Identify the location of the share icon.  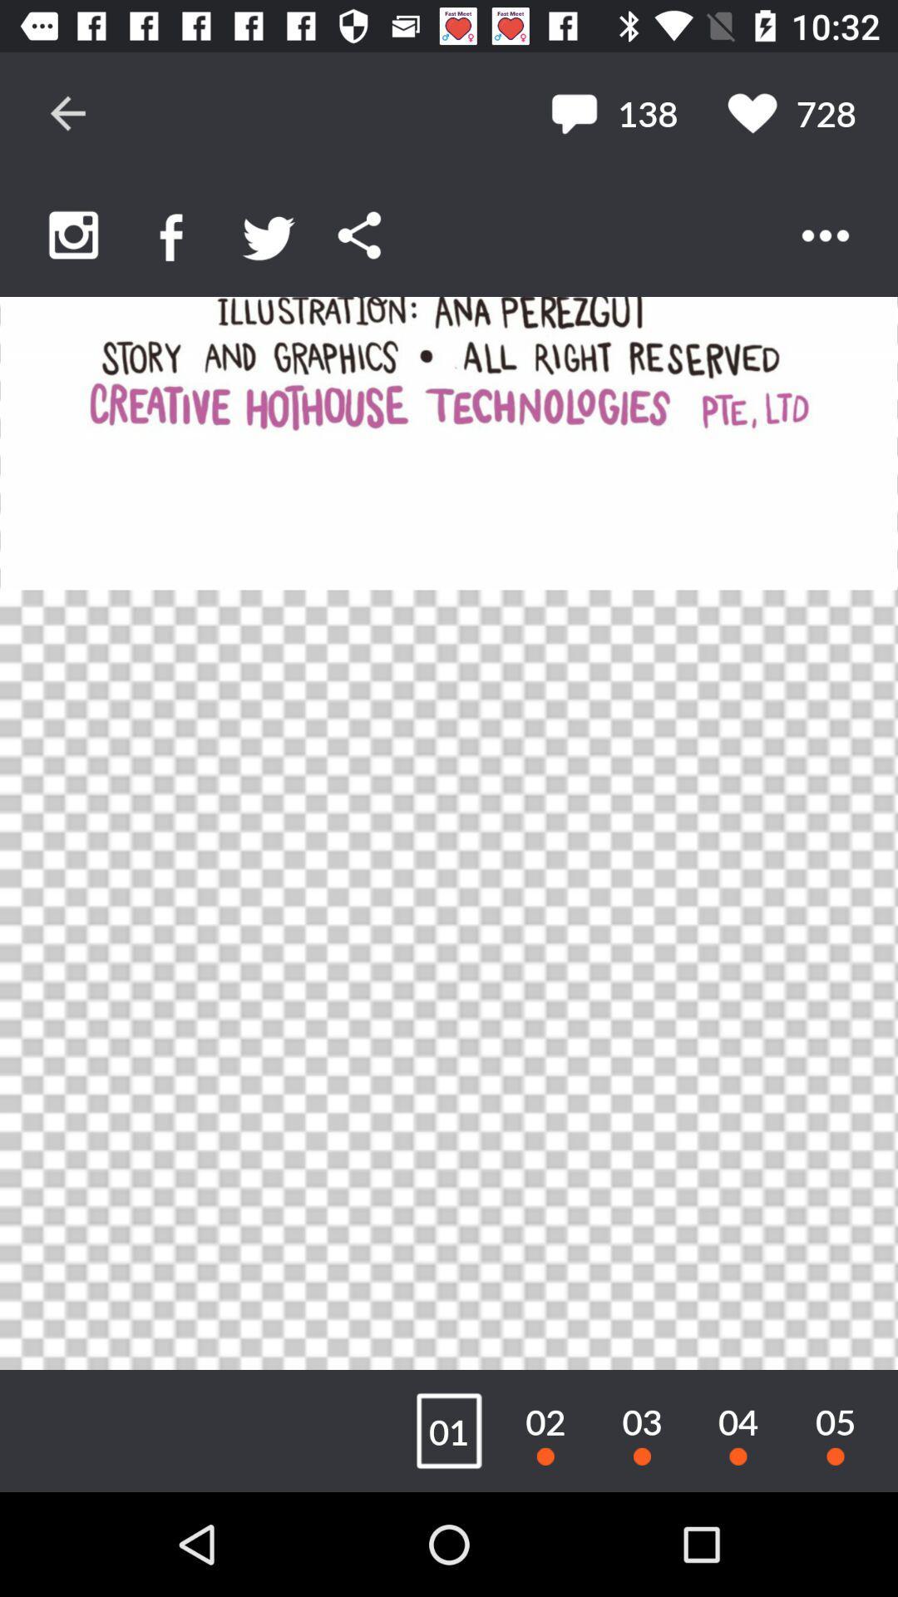
(358, 235).